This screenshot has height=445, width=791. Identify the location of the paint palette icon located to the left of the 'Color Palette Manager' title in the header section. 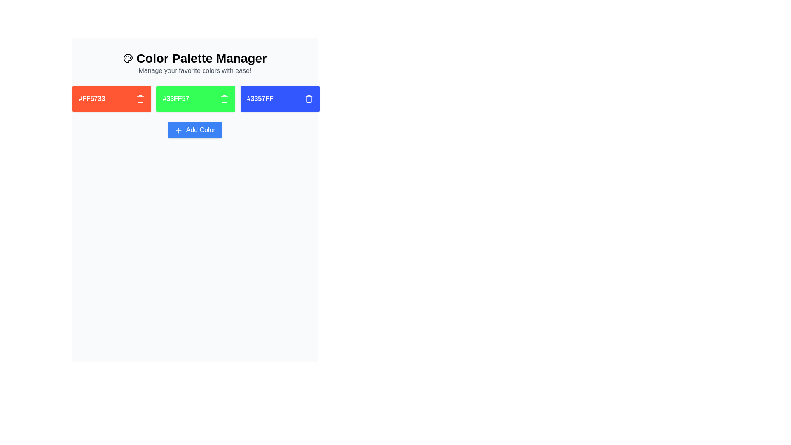
(128, 58).